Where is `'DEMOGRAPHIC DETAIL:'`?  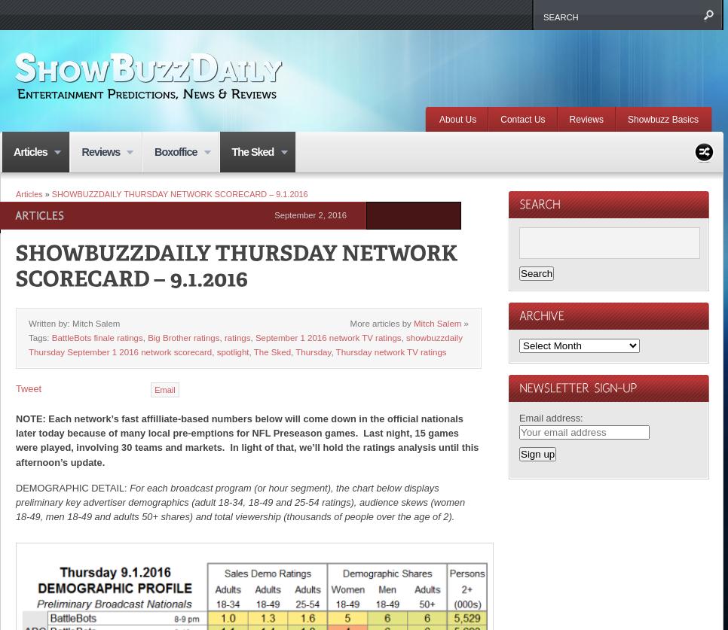 'DEMOGRAPHIC DETAIL:' is located at coordinates (72, 487).